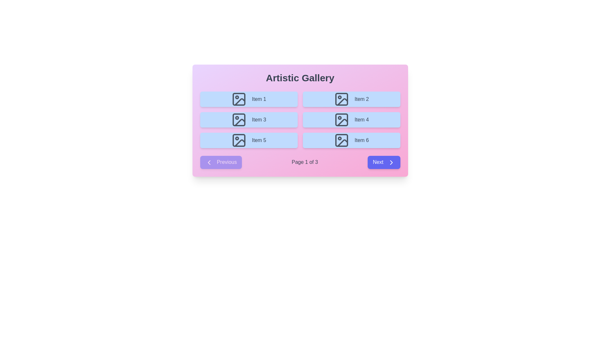  I want to click on the first selectable item in the grid list, which is a light blue button with the text 'Item 1' and a gray outlined image icon, so click(248, 99).